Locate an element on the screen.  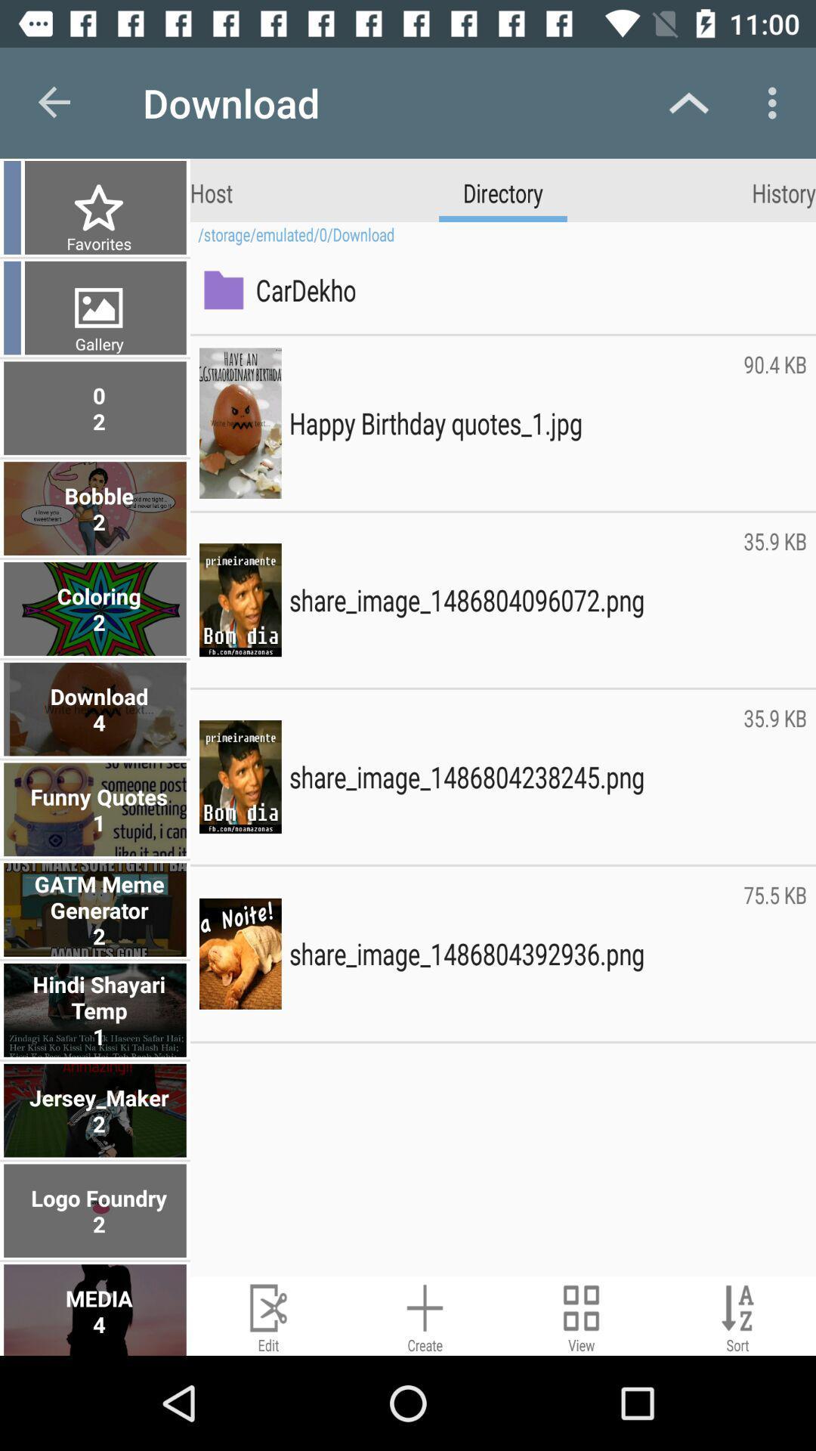
playlist is located at coordinates (425, 1315).